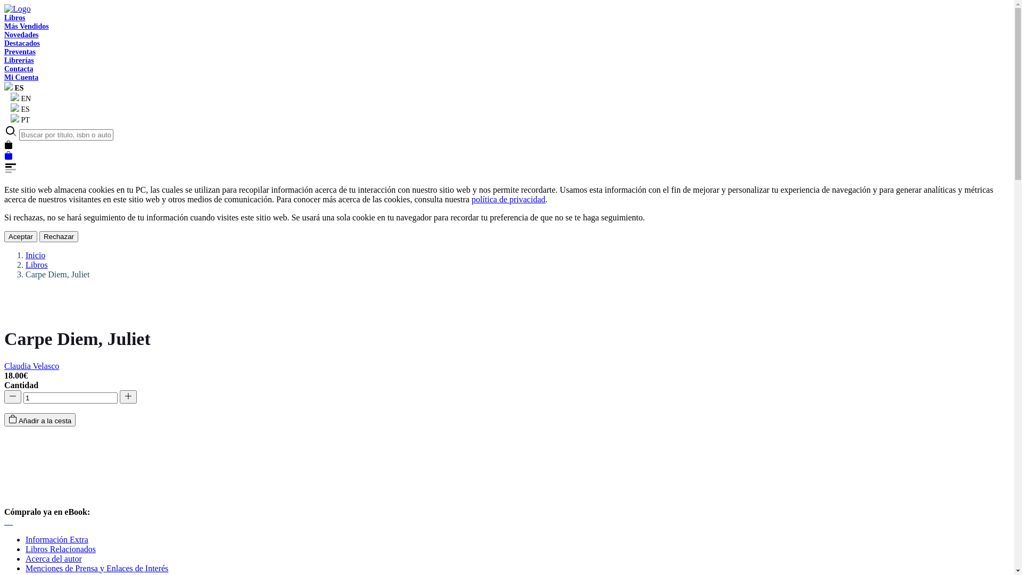 Image resolution: width=1022 pixels, height=575 pixels. Describe the element at coordinates (4, 236) in the screenshot. I see `'Aceptar'` at that location.